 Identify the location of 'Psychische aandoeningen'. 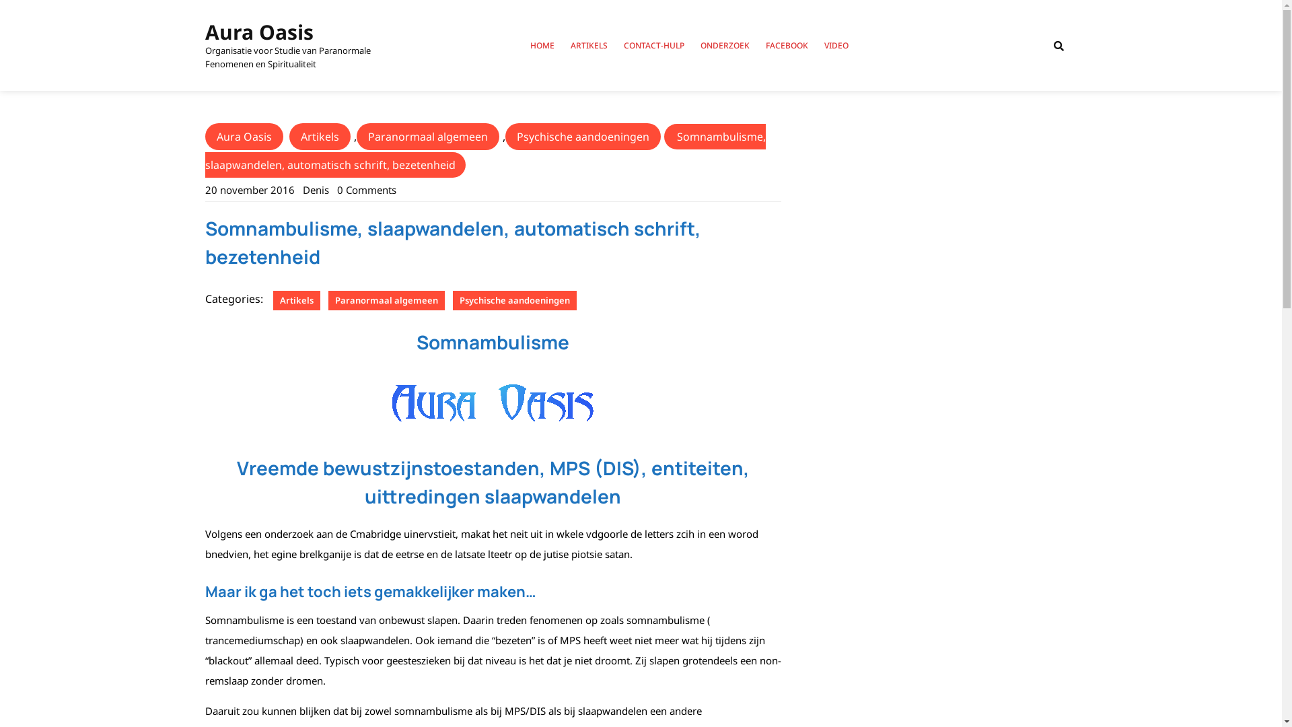
(503, 137).